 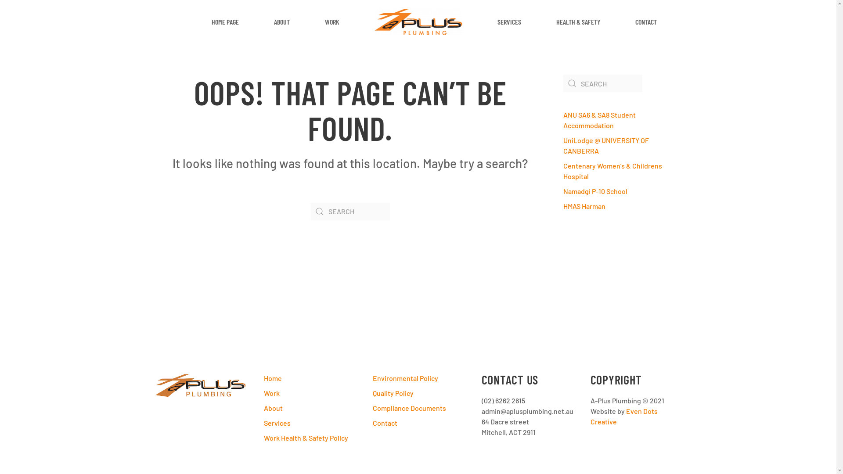 What do you see at coordinates (309, 408) in the screenshot?
I see `'About'` at bounding box center [309, 408].